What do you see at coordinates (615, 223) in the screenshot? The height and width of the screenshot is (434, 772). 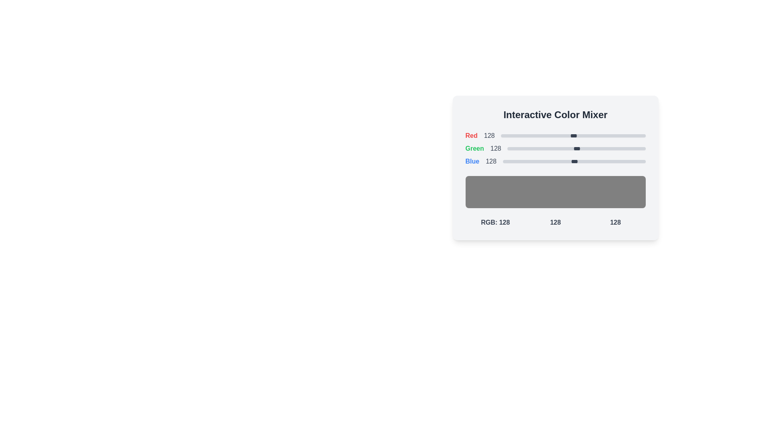 I see `the static text label displaying the number '128', which is the last item in the RGB summary section below the color sliders` at bounding box center [615, 223].